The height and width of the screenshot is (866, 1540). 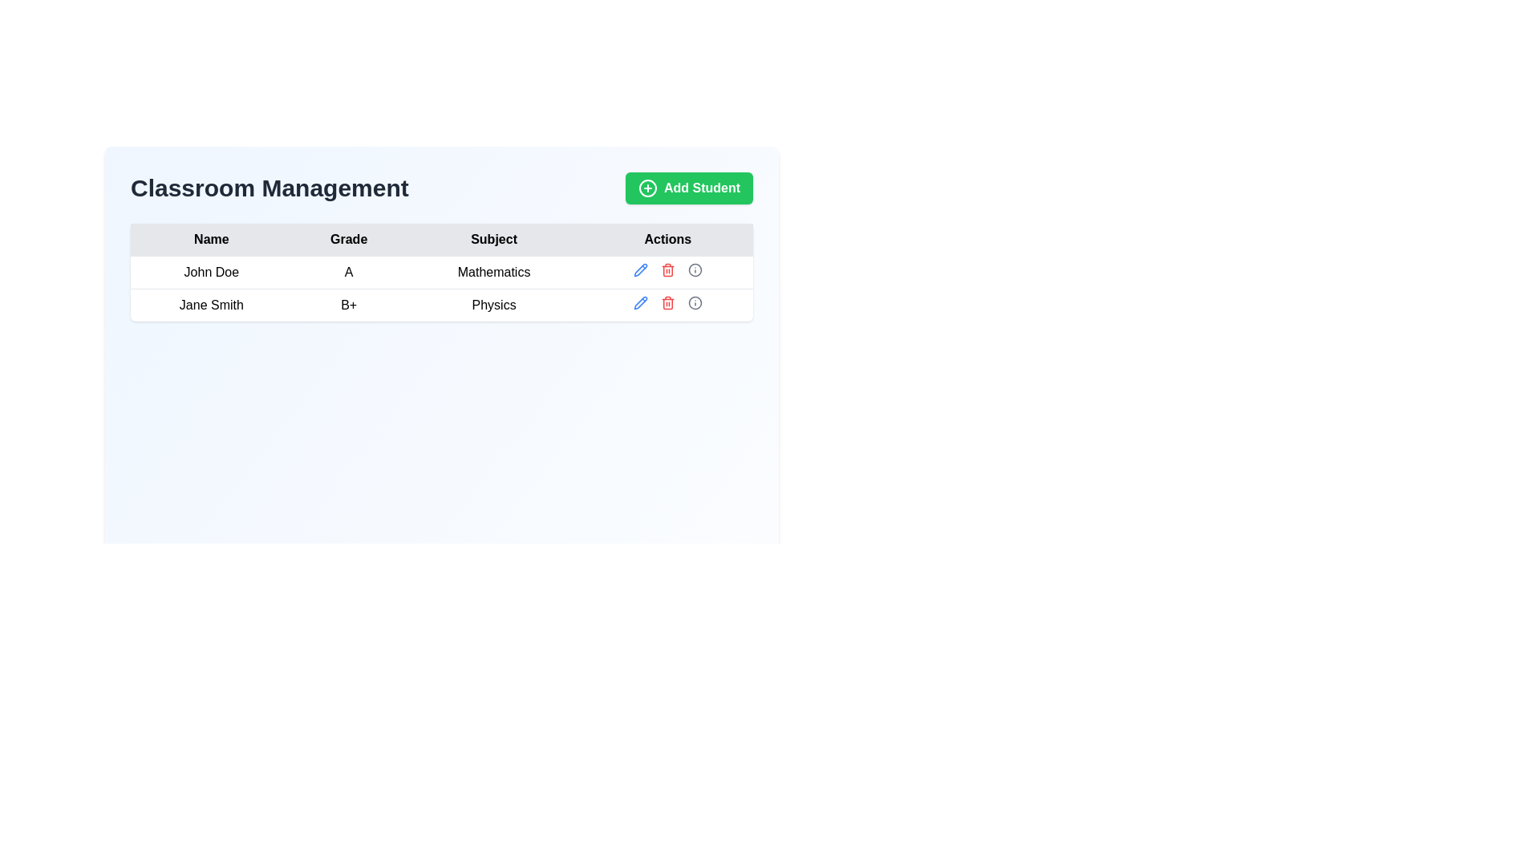 What do you see at coordinates (667, 269) in the screenshot?
I see `the red trash can icon in the 'Actions' column of the row containing the student 'John Doe'` at bounding box center [667, 269].